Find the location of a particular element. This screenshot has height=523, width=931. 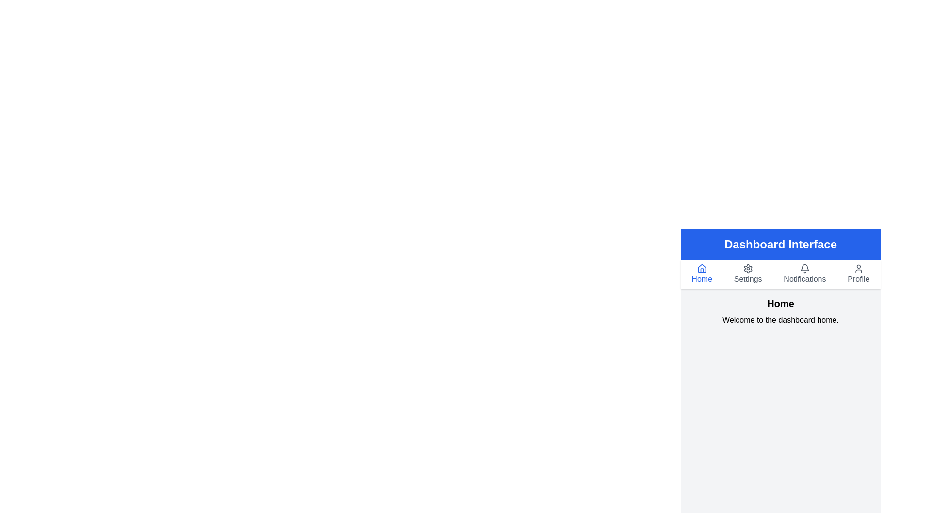

the user profile icon located at the top-right corner of the interface, which is positioned under the heading 'Profile' is located at coordinates (858, 269).